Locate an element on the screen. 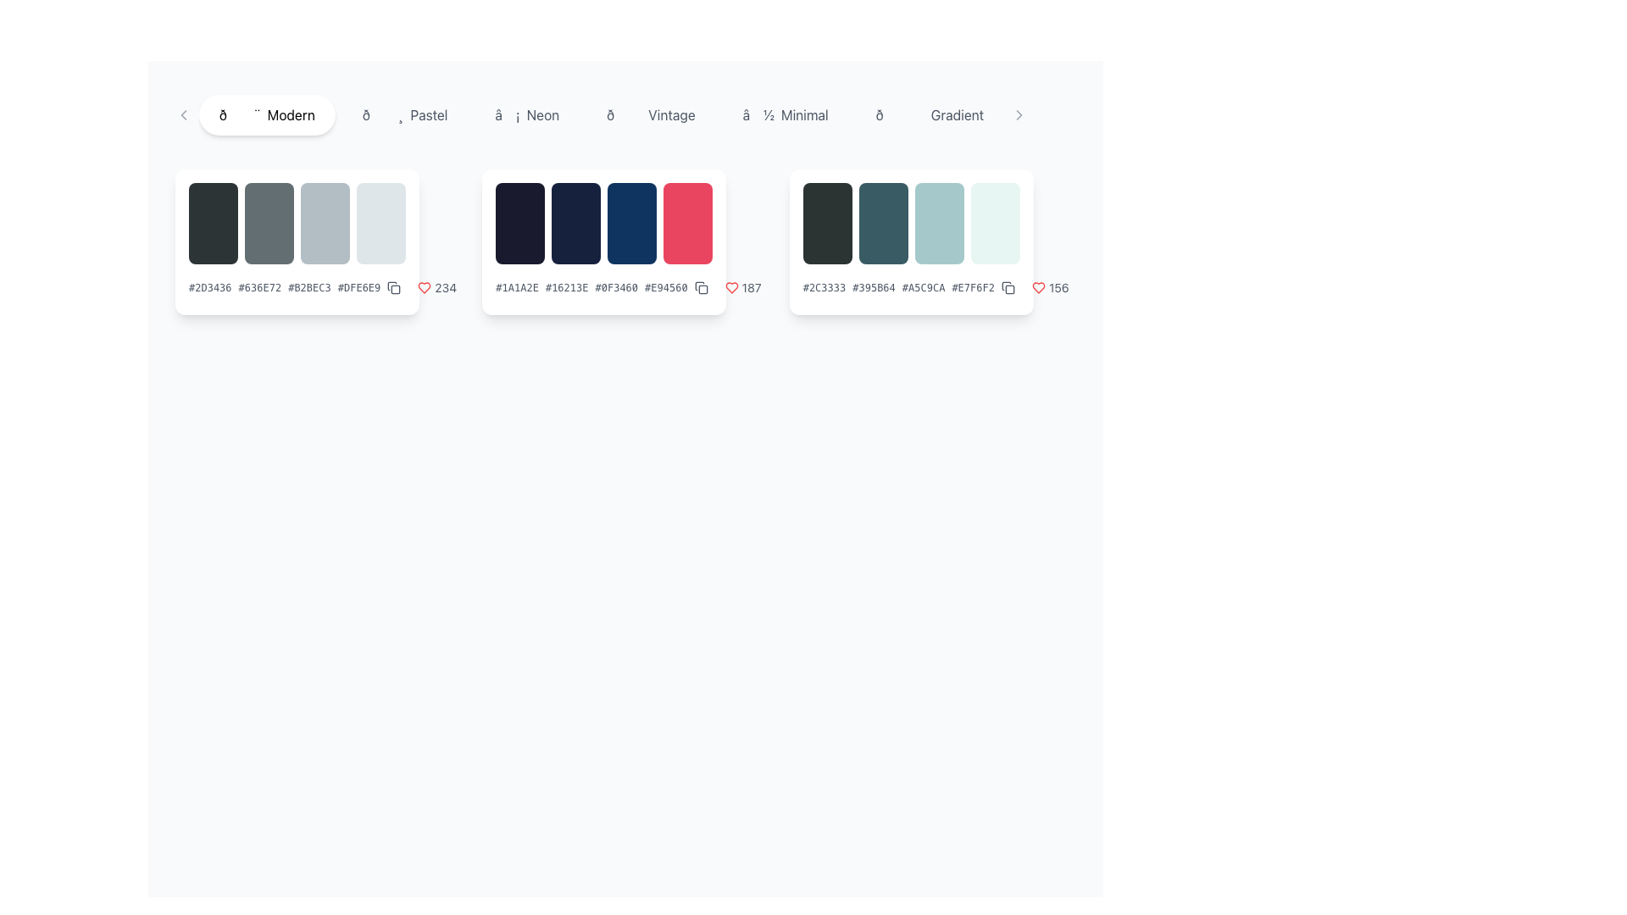 The width and height of the screenshot is (1627, 915). the central navigation bar is located at coordinates (602, 114).